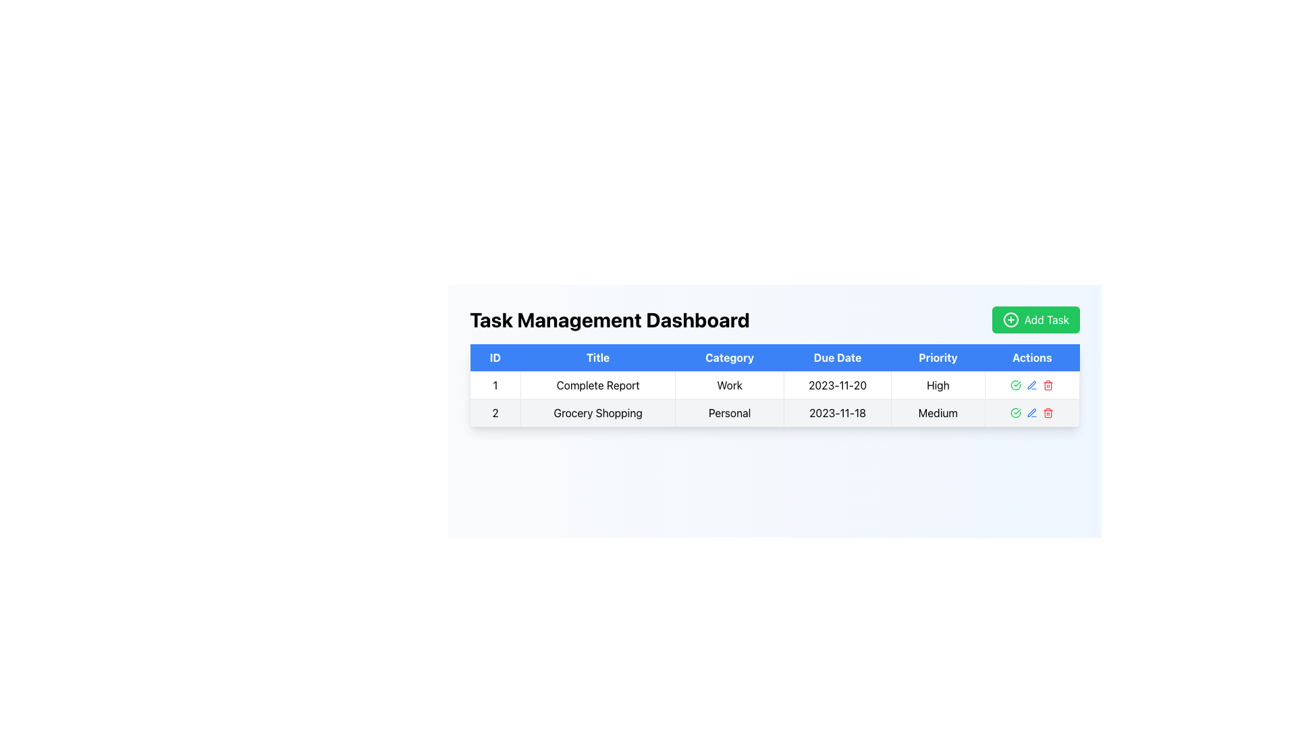 The height and width of the screenshot is (729, 1296). What do you see at coordinates (1031, 412) in the screenshot?
I see `the blue-colored edit icon button located in the 'Actions' column of the second row to initiate editing` at bounding box center [1031, 412].